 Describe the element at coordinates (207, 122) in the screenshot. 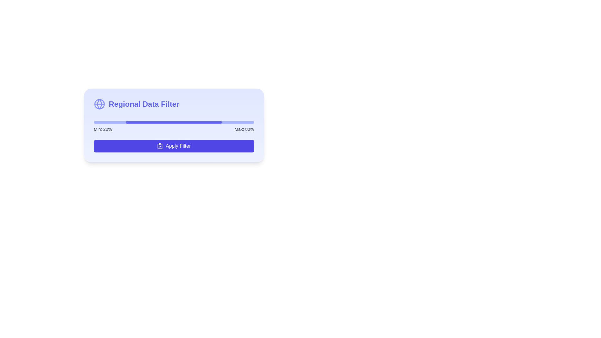

I see `the filter value` at that location.